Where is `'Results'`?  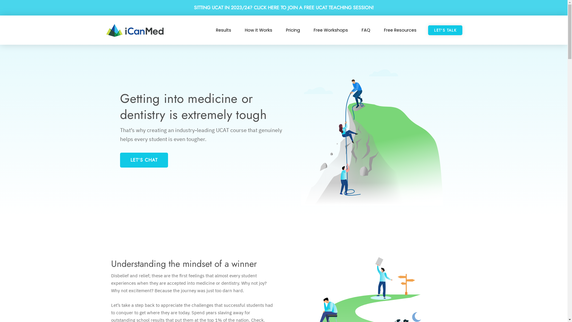 'Results' is located at coordinates (223, 30).